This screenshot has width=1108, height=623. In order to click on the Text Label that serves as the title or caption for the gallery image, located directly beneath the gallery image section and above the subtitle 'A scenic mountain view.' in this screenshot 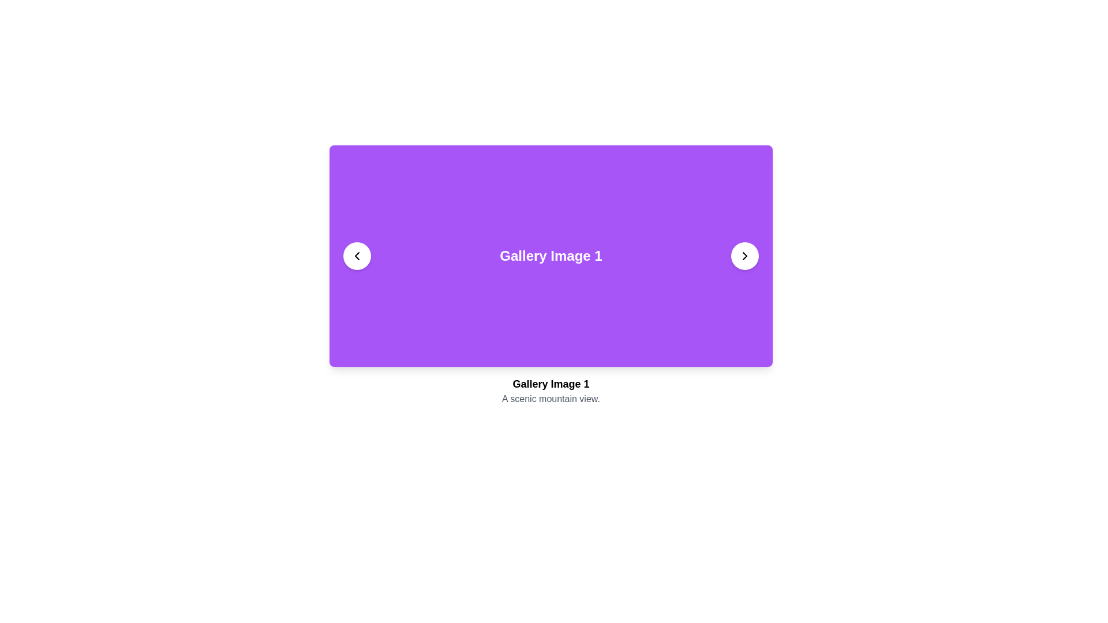, I will do `click(551, 384)`.